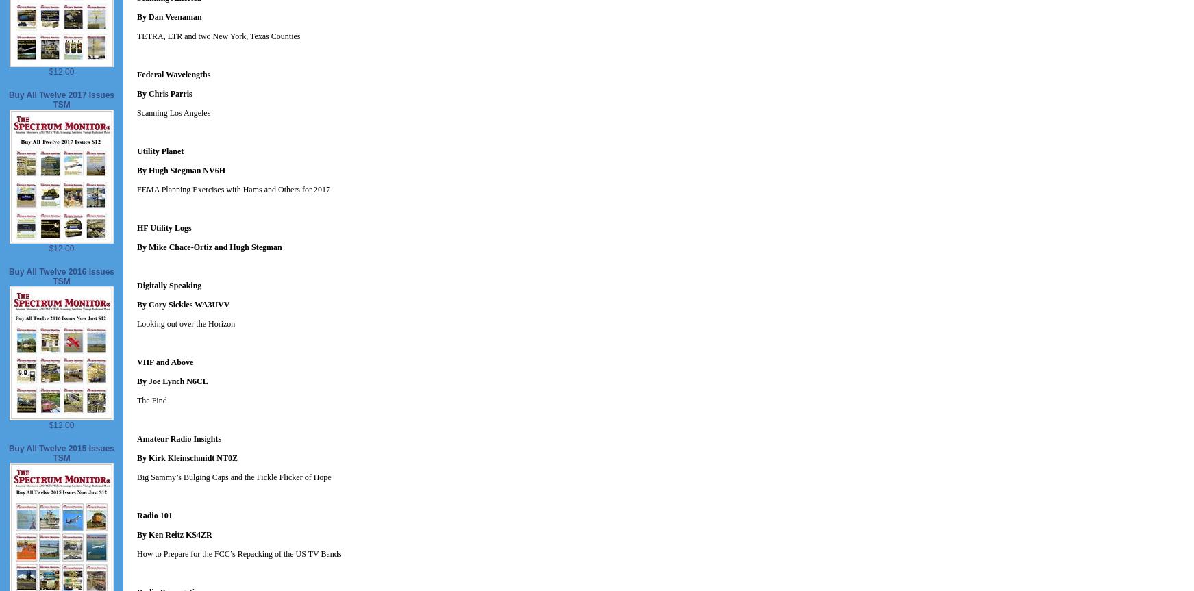 The height and width of the screenshot is (591, 1194). Describe the element at coordinates (173, 73) in the screenshot. I see `'Federal Wavelengths'` at that location.